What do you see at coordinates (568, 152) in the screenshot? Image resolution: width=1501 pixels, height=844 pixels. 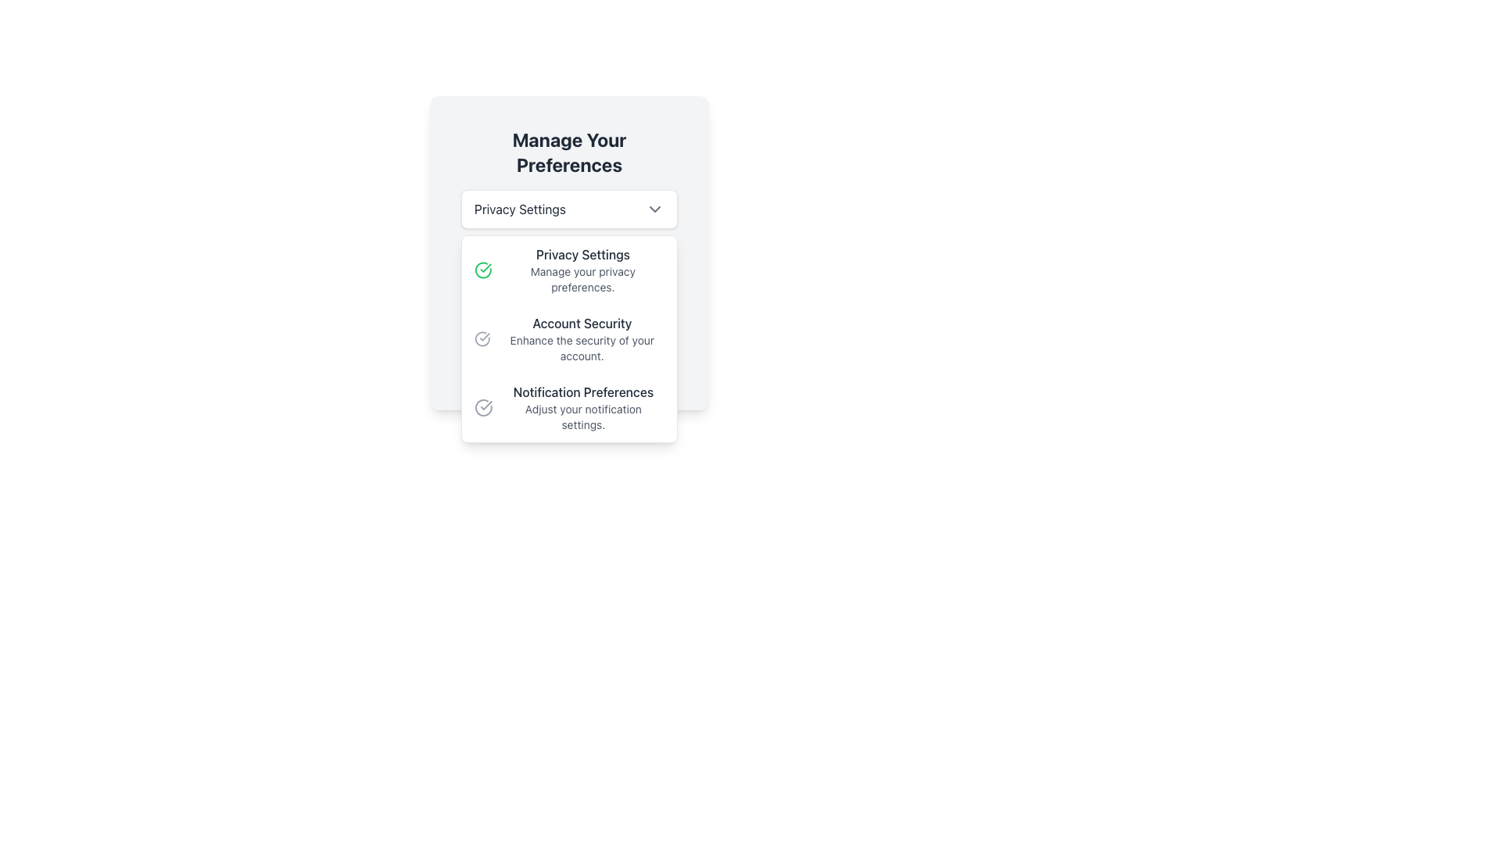 I see `the text label displaying 'Manage Your Preferences', which is centered at the top of the card-like interface` at bounding box center [568, 152].